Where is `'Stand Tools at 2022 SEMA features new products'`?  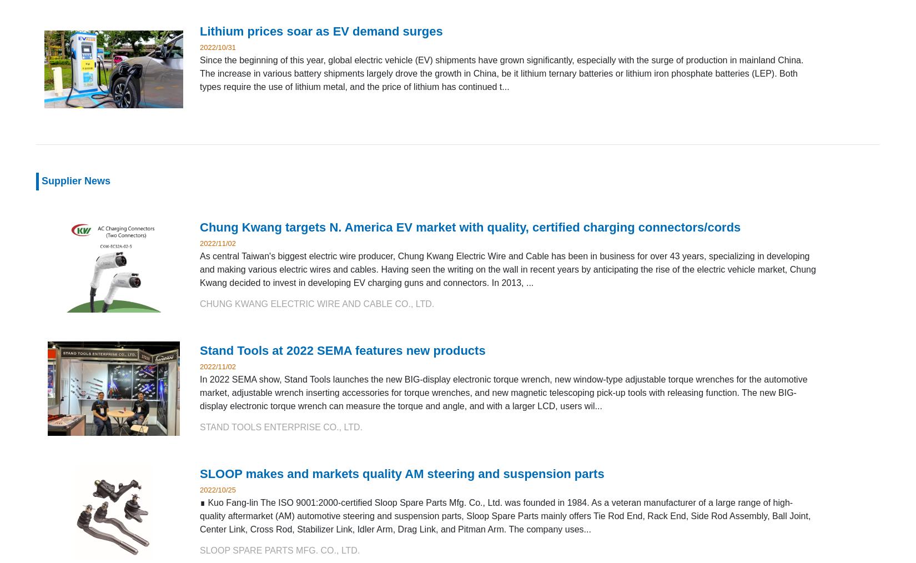 'Stand Tools at 2022 SEMA features new products' is located at coordinates (200, 350).